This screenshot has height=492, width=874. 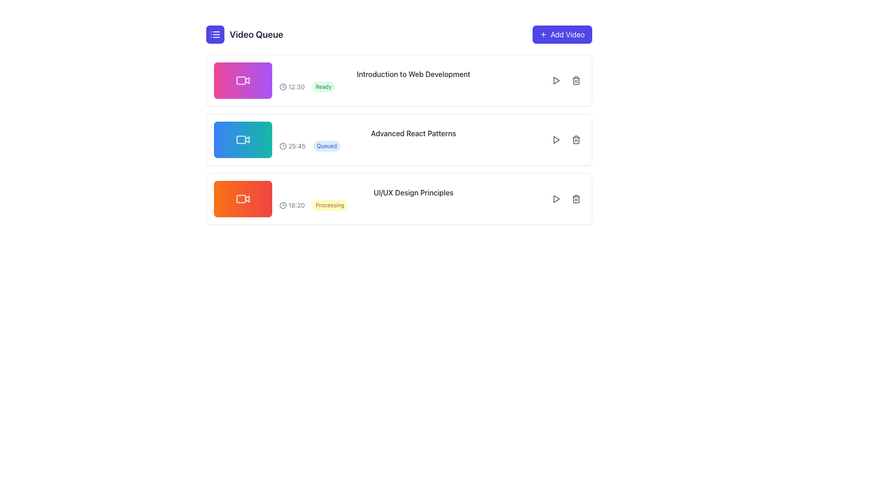 I want to click on the SVG graphic element (circle) that represents the clock's face, located within the third list item next to the video thumbnail and time duration label '18:20', so click(x=282, y=205).